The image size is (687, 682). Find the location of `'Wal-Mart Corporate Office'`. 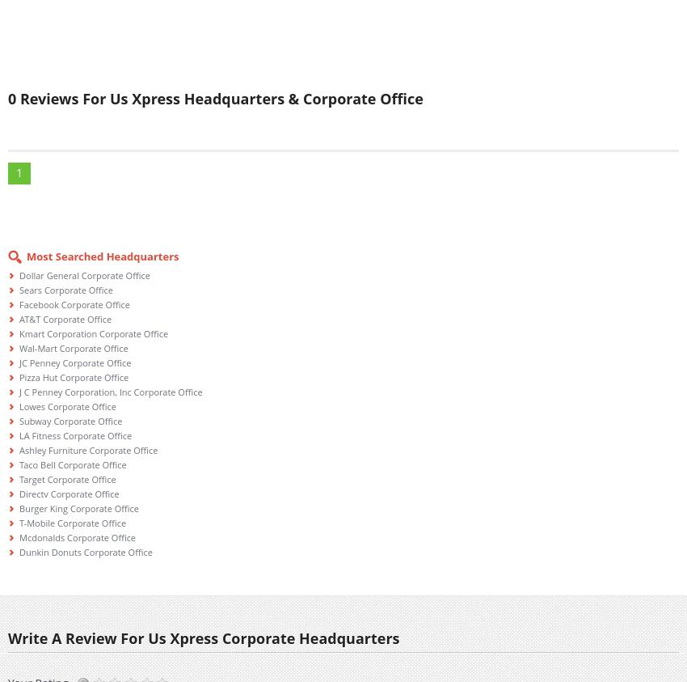

'Wal-Mart Corporate Office' is located at coordinates (73, 348).